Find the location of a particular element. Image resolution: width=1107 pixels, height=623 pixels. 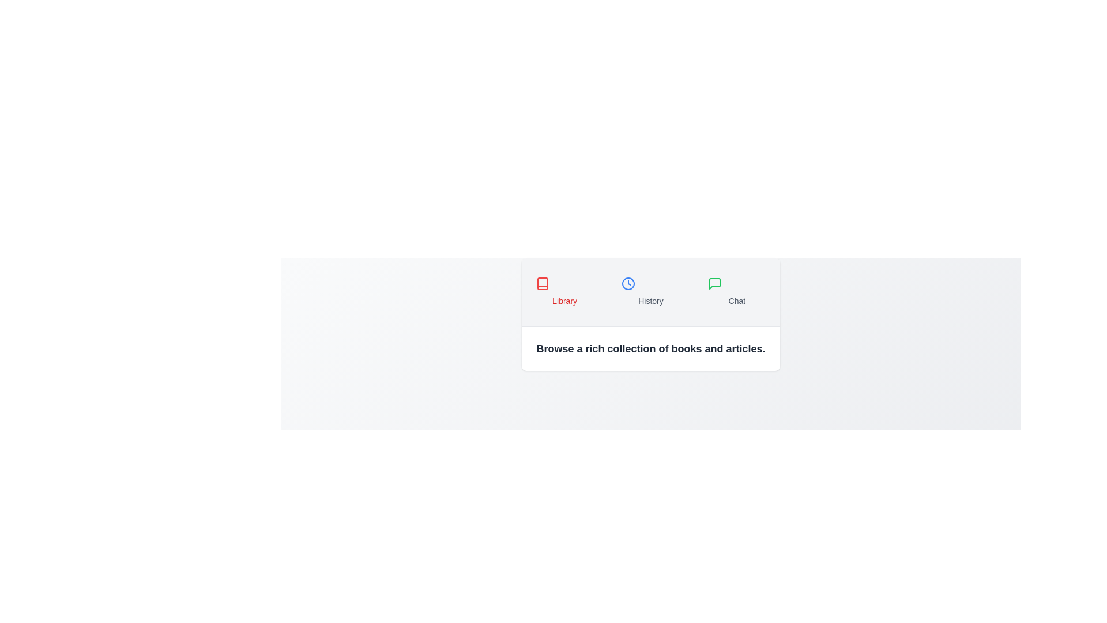

the Library tab to view its content is located at coordinates (564, 291).